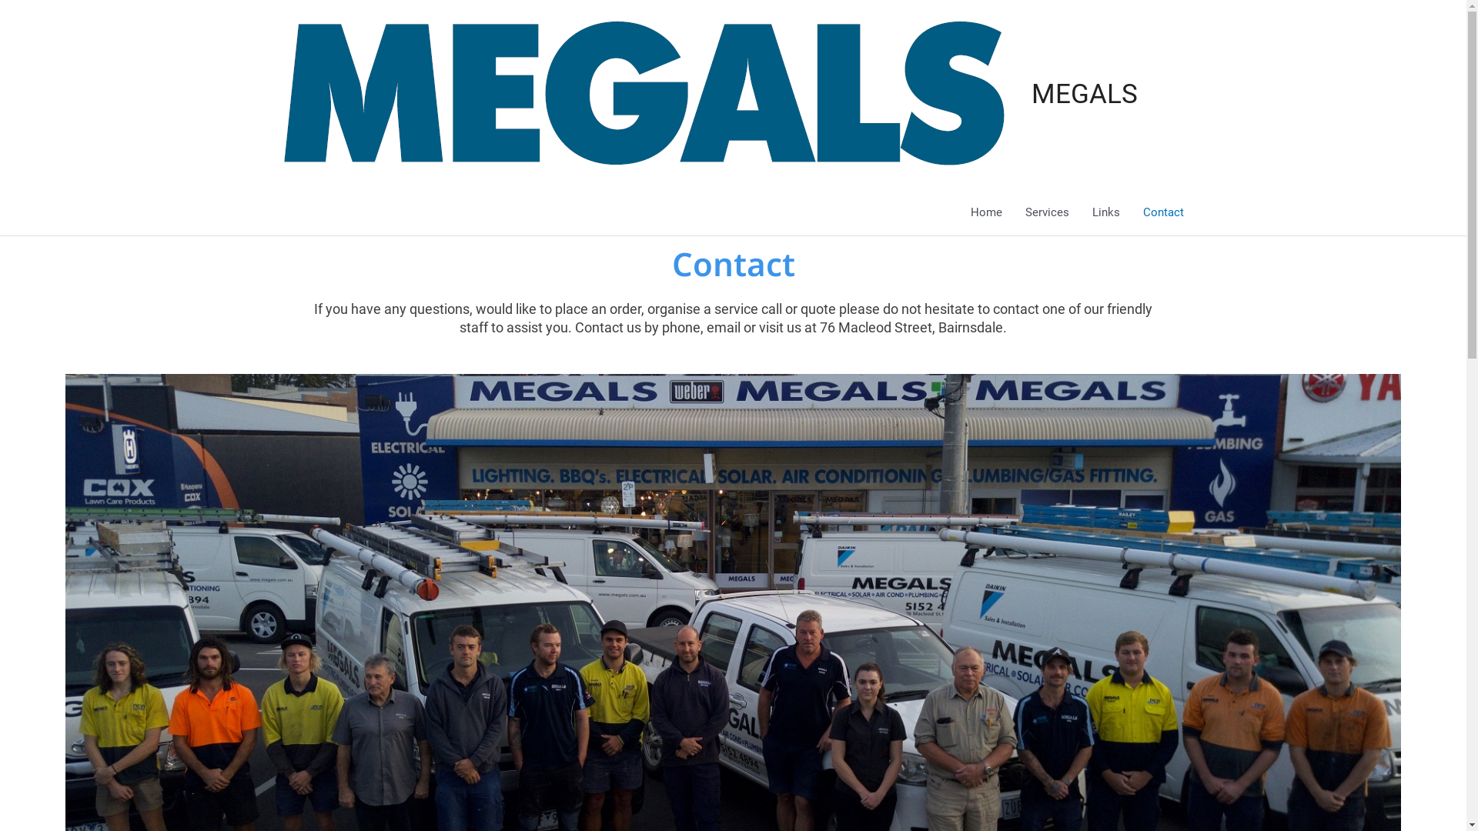 Image resolution: width=1478 pixels, height=831 pixels. Describe the element at coordinates (1084, 94) in the screenshot. I see `'MEGALS'` at that location.